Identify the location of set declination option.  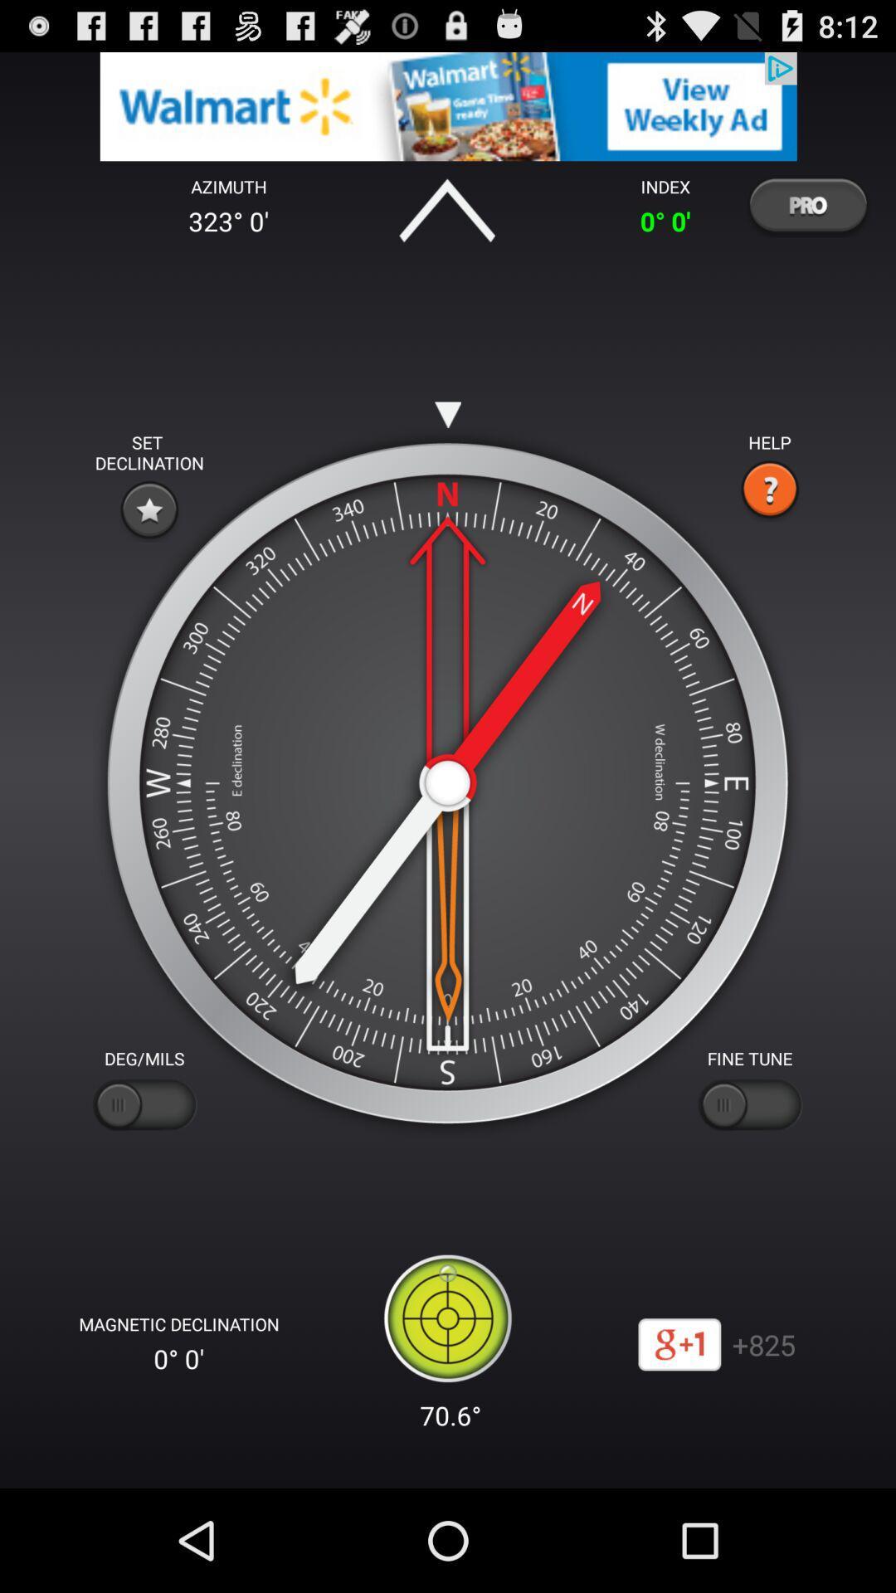
(149, 509).